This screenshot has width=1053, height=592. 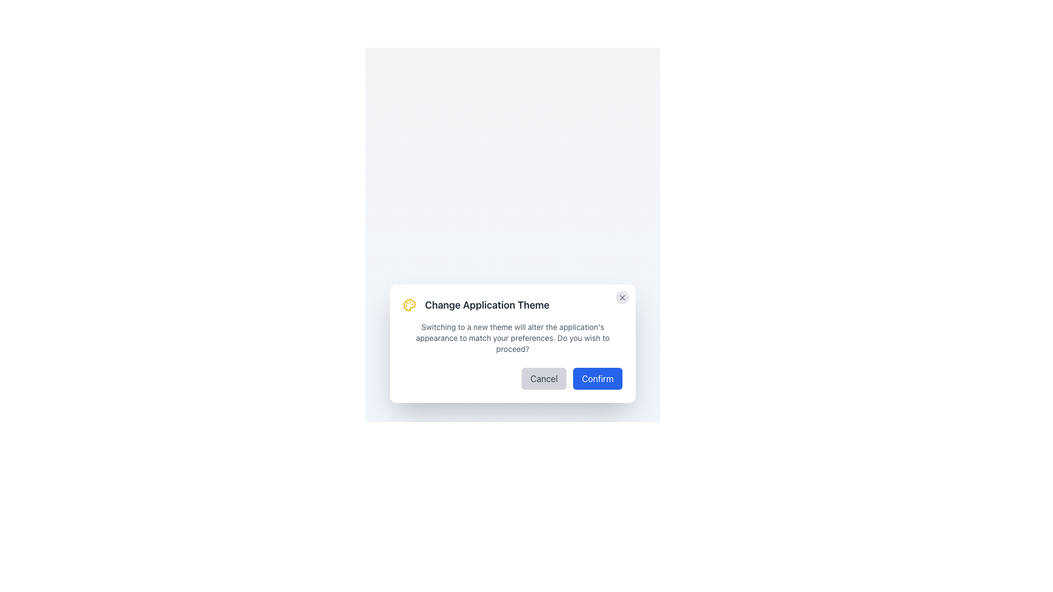 I want to click on the decorative icon representing color themes in the header section of the 'Change Application Theme' modal dialog box, so click(x=409, y=305).